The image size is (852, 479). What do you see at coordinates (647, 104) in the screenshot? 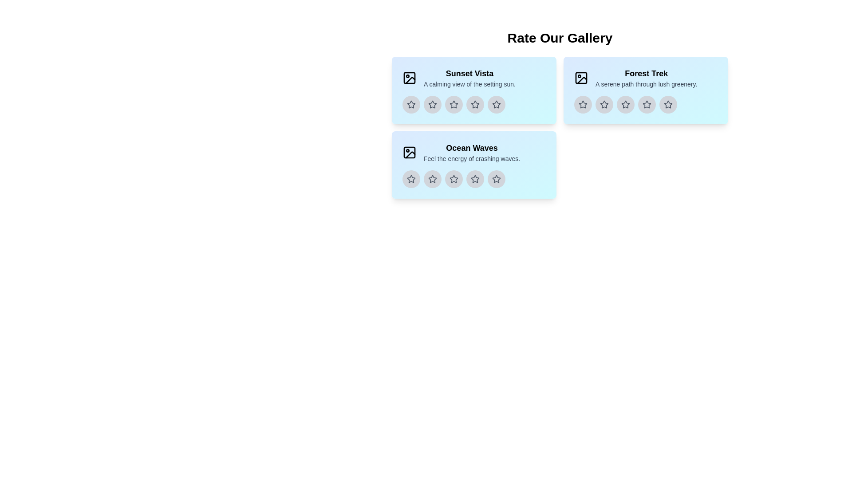
I see `the fourth star icon in the 'Forest Trek' rating section to set a four-star rating` at bounding box center [647, 104].